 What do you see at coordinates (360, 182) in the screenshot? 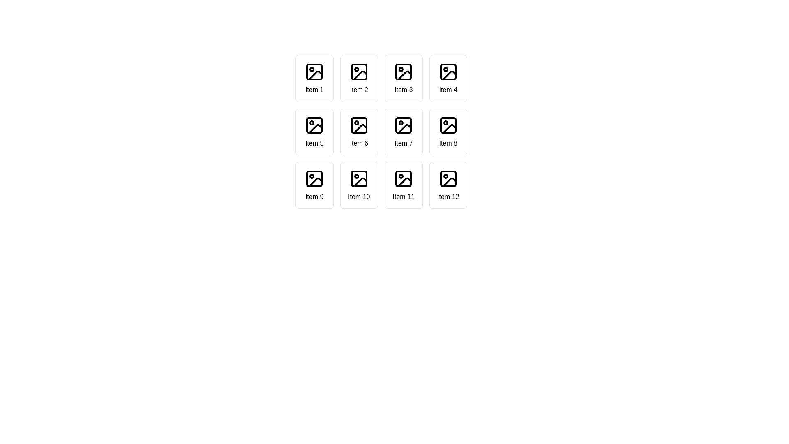
I see `the bottom middle icon in the 3x4 grid layout` at bounding box center [360, 182].